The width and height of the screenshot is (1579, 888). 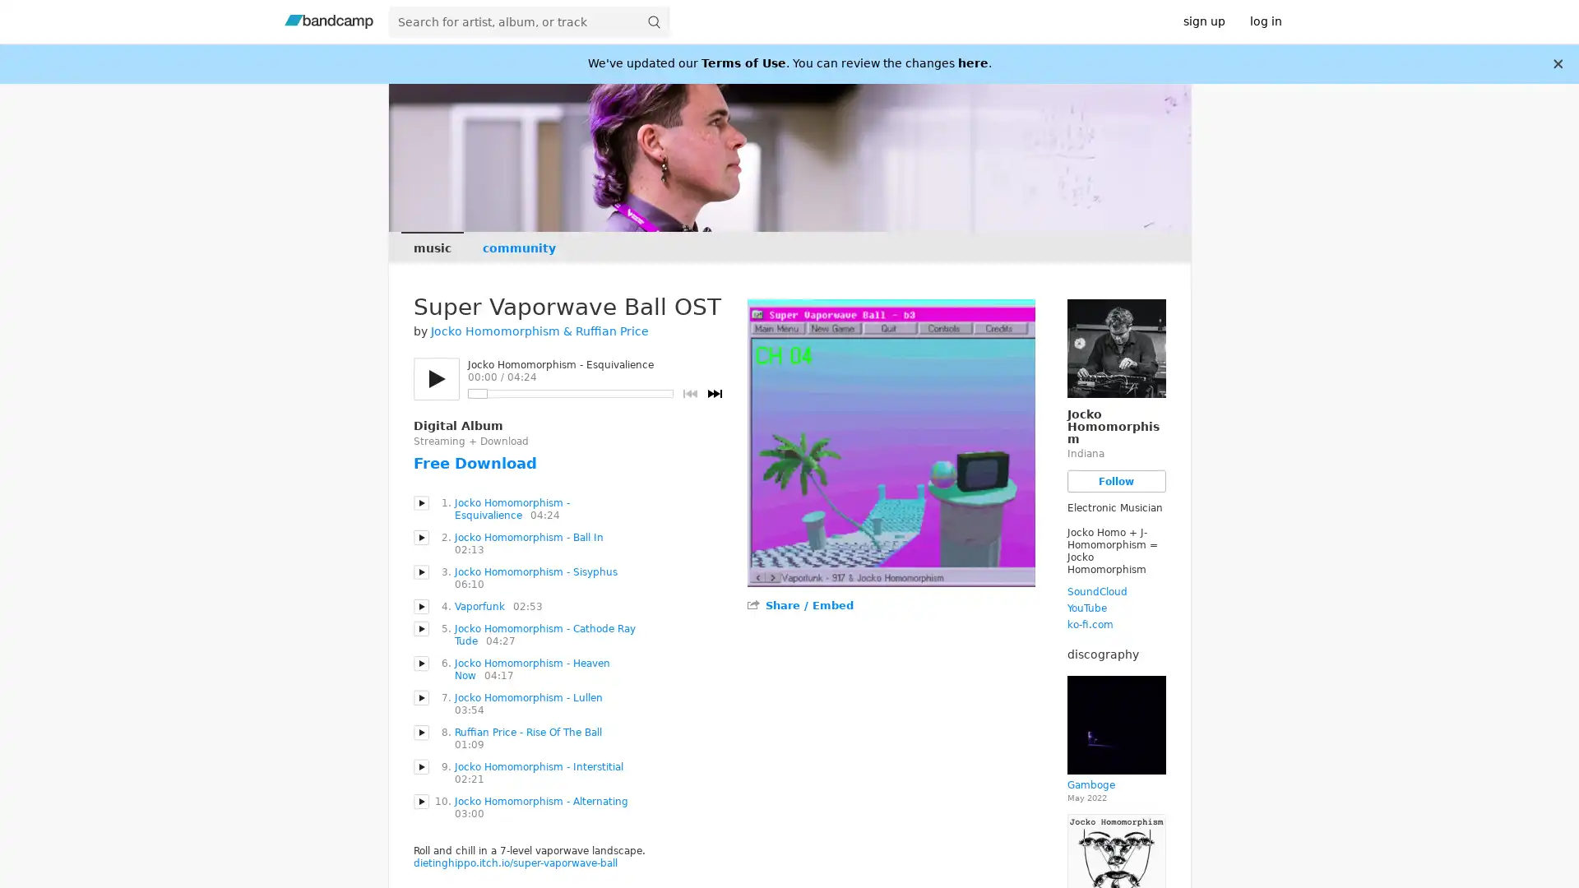 What do you see at coordinates (420, 662) in the screenshot?
I see `Play Jocko Homomorphism - Heaven Now` at bounding box center [420, 662].